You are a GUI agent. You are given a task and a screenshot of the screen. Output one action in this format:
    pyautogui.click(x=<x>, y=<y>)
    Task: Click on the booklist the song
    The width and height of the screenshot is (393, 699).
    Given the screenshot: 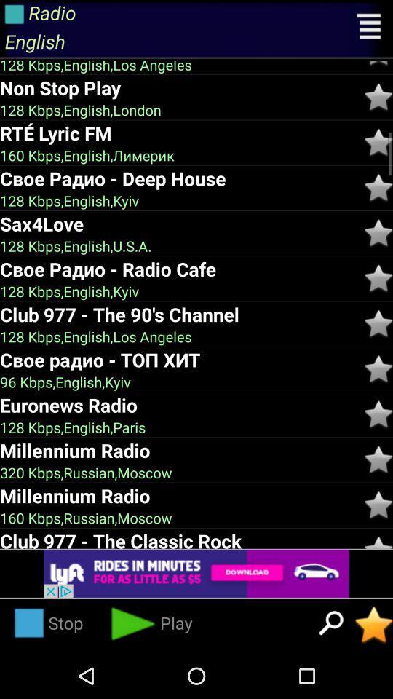 What is the action you would take?
    pyautogui.click(x=378, y=187)
    